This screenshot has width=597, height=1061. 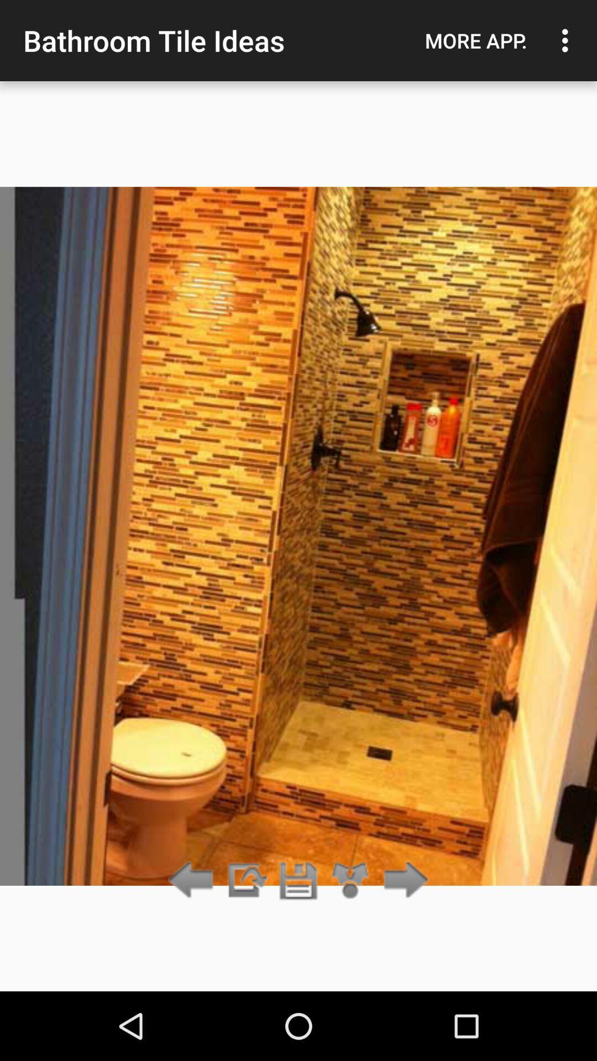 I want to click on item below bathroom tile ideas, so click(x=298, y=880).